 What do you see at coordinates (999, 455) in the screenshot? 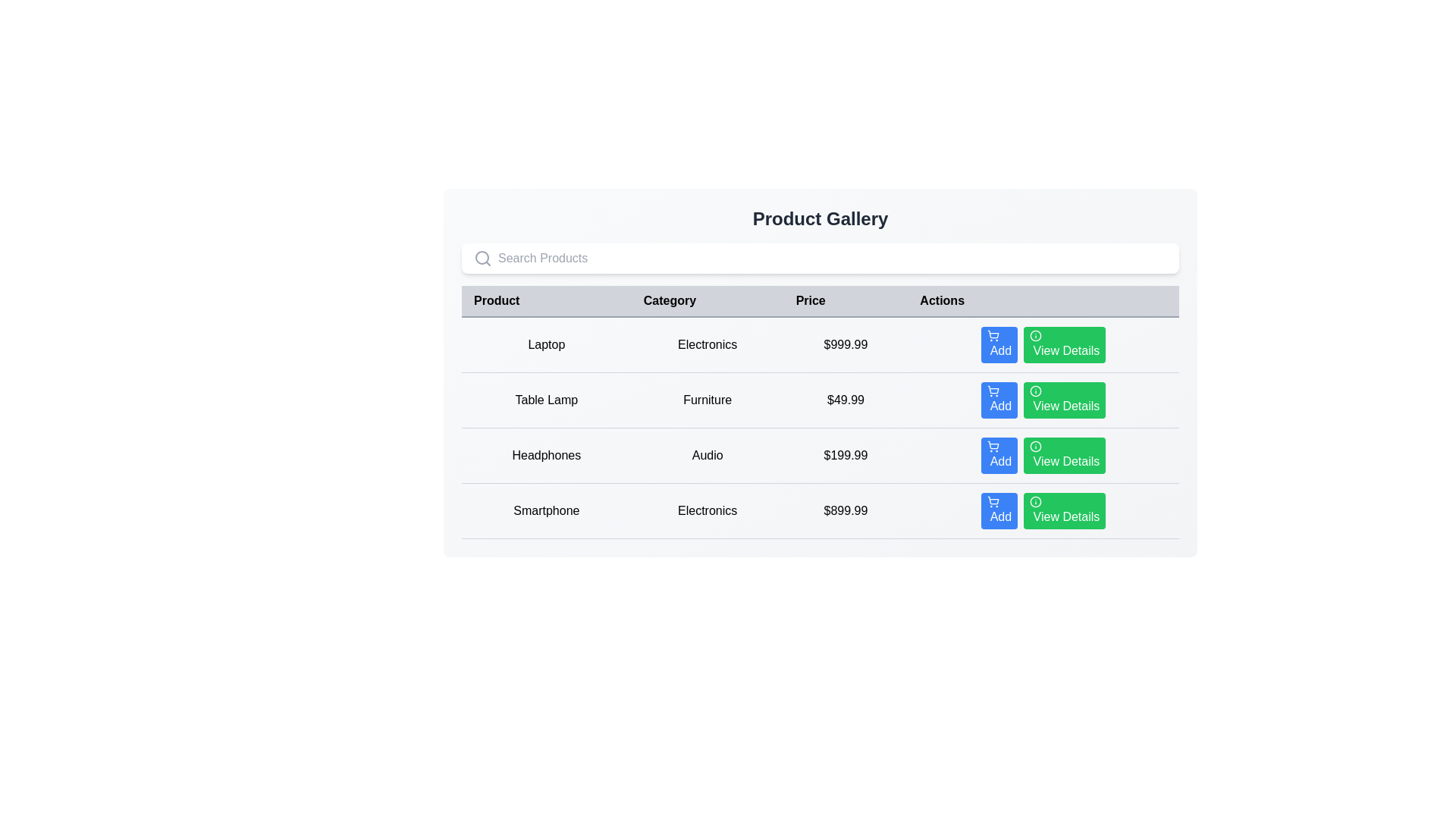
I see `the 'Add Headphones to Cart' button located in the 'Actions' column, which is the first interactive element and positioned to the left of the 'View Details' button` at bounding box center [999, 455].